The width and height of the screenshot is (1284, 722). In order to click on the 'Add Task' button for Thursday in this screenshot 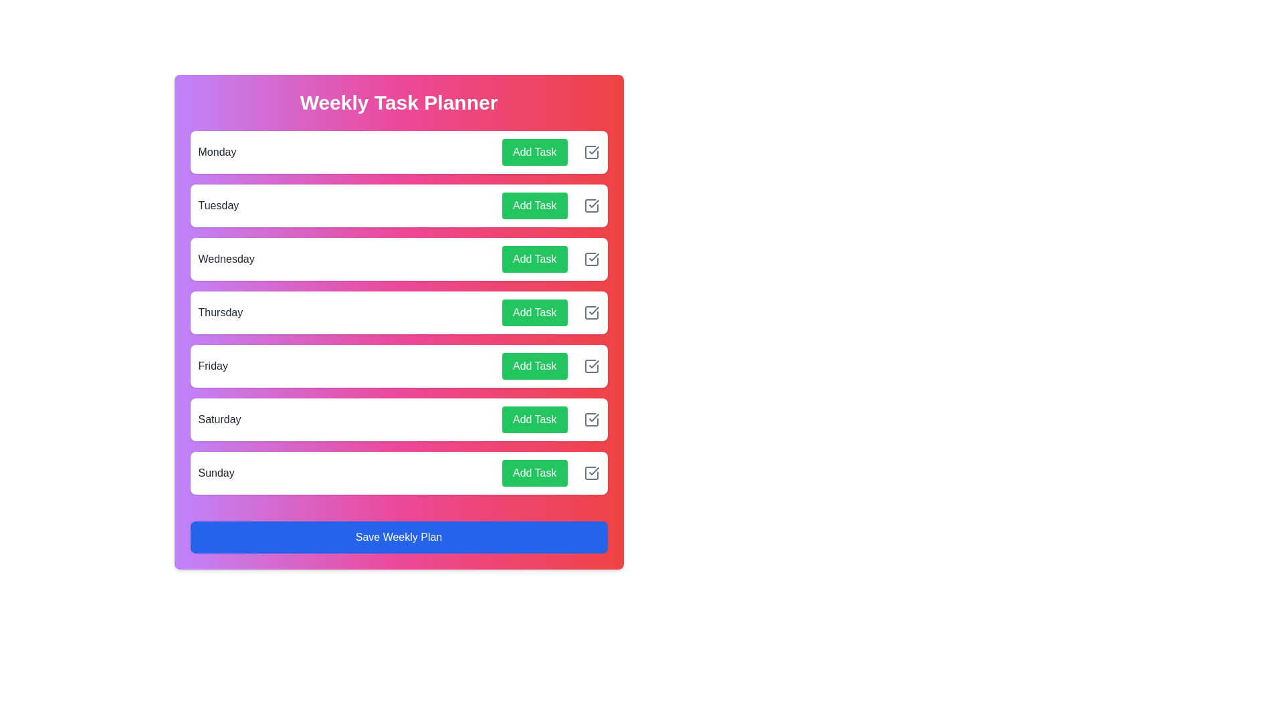, I will do `click(534, 312)`.